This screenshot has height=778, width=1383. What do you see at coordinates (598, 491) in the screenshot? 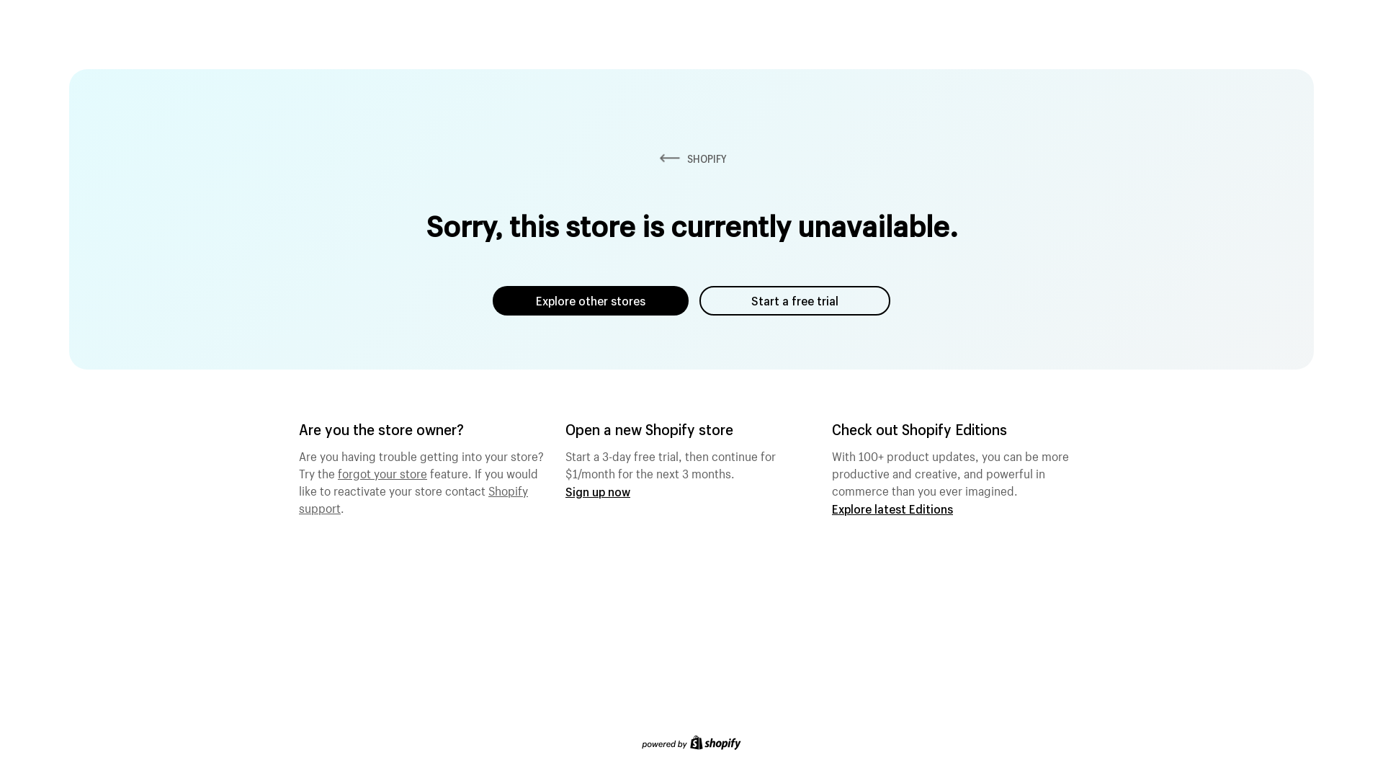
I see `'Sign up now'` at bounding box center [598, 491].